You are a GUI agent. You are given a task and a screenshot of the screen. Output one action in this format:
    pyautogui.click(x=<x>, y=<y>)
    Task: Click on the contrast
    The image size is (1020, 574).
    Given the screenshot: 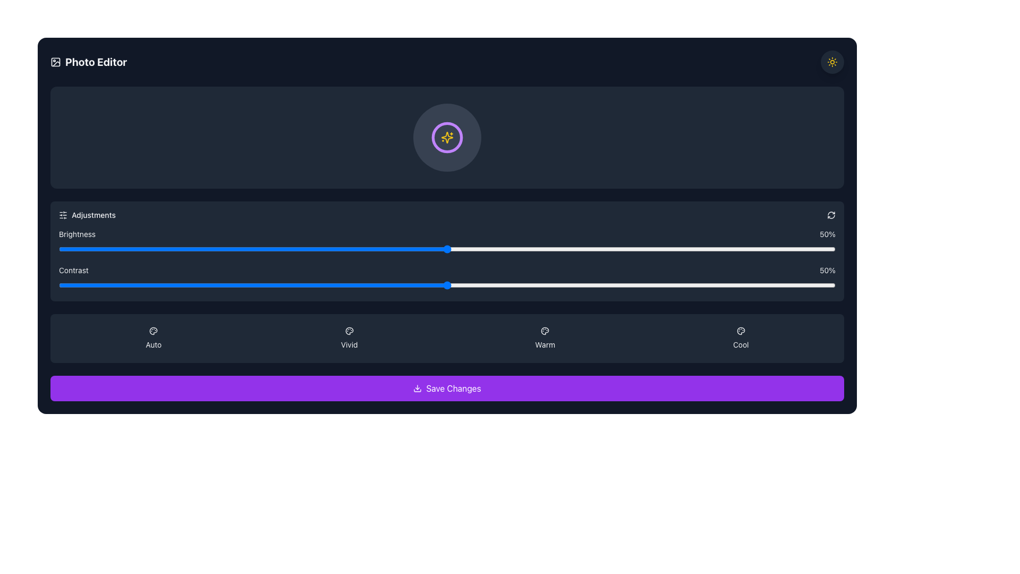 What is the action you would take?
    pyautogui.click(x=439, y=284)
    